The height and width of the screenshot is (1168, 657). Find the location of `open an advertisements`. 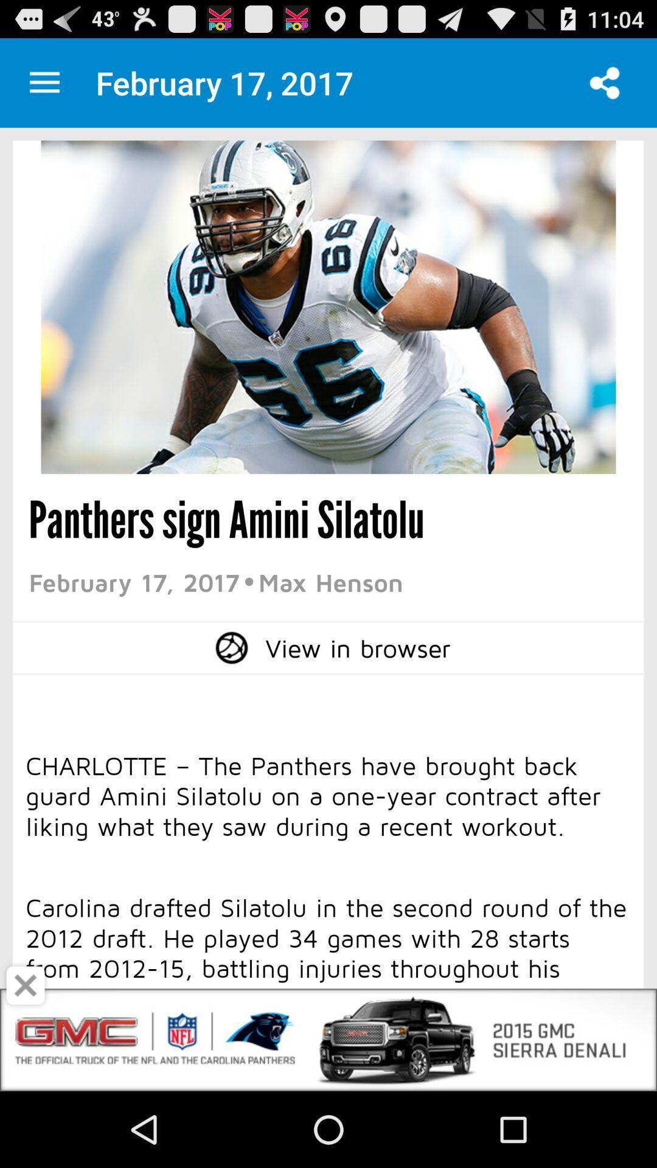

open an advertisements is located at coordinates (328, 1039).